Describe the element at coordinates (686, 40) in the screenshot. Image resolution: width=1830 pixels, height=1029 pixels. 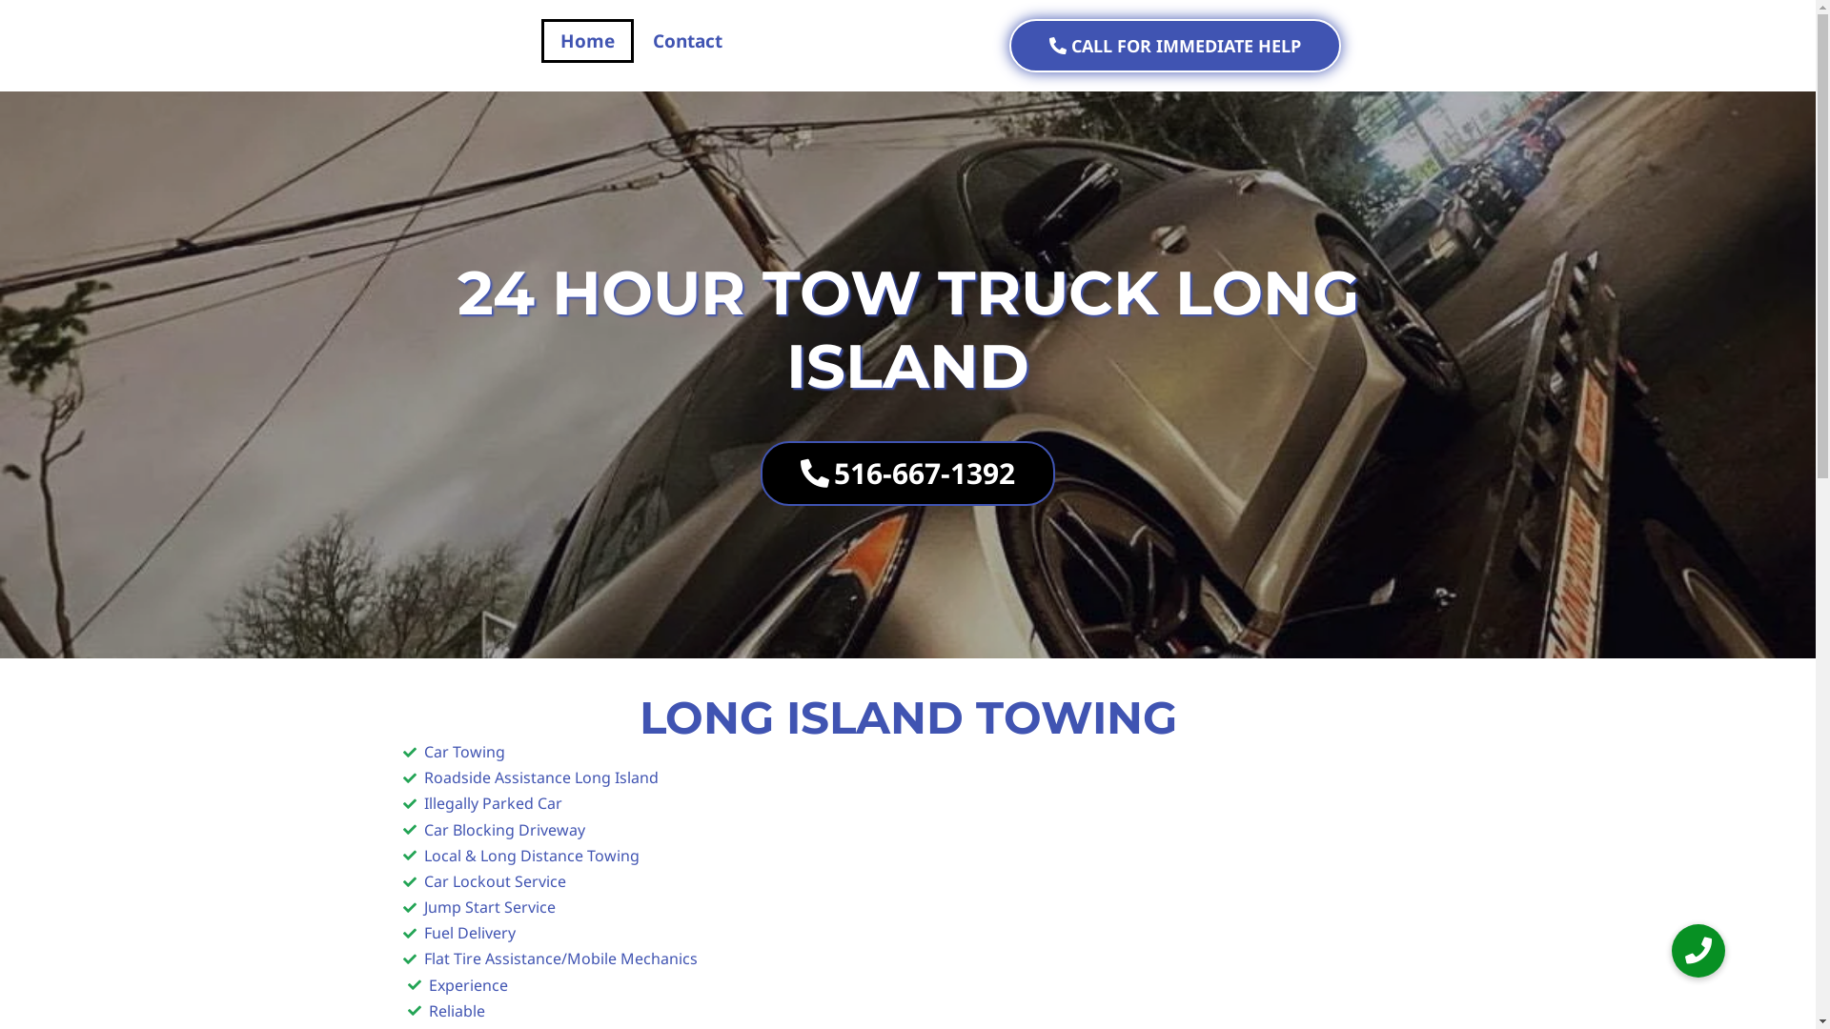
I see `'Contact'` at that location.